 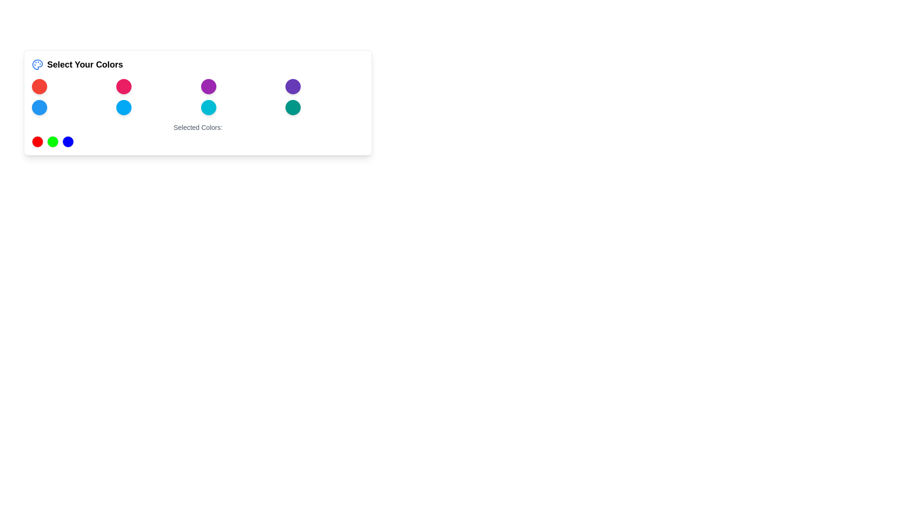 I want to click on the circular palette icon with paint wells located at the top-left of the 'Select Your Colors' section, so click(x=37, y=64).